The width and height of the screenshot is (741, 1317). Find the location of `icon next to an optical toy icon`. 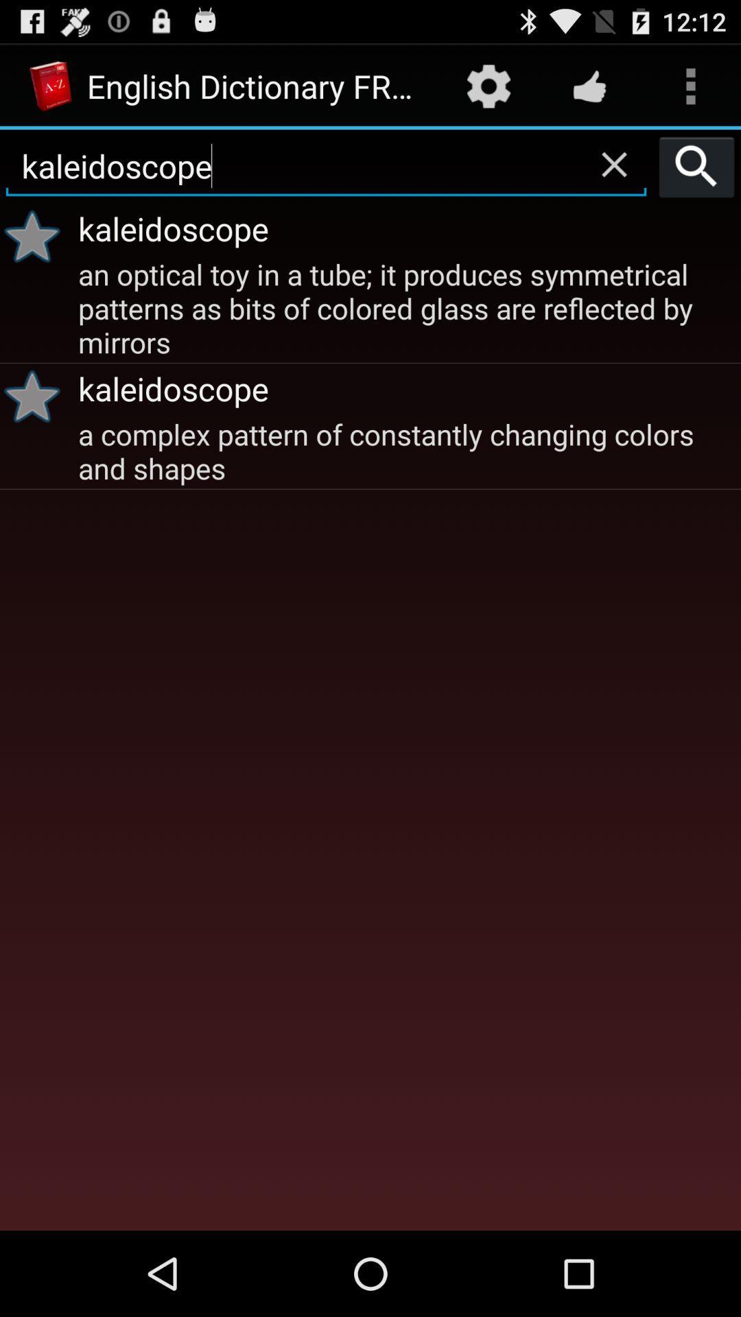

icon next to an optical toy icon is located at coordinates (36, 395).